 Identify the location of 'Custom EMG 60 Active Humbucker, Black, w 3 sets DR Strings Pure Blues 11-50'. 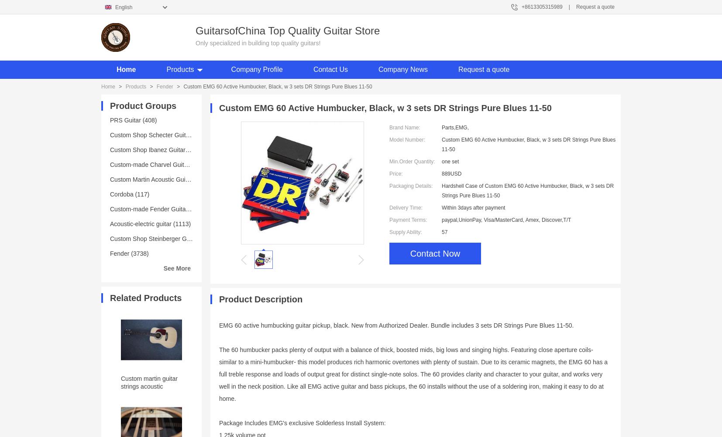
(277, 86).